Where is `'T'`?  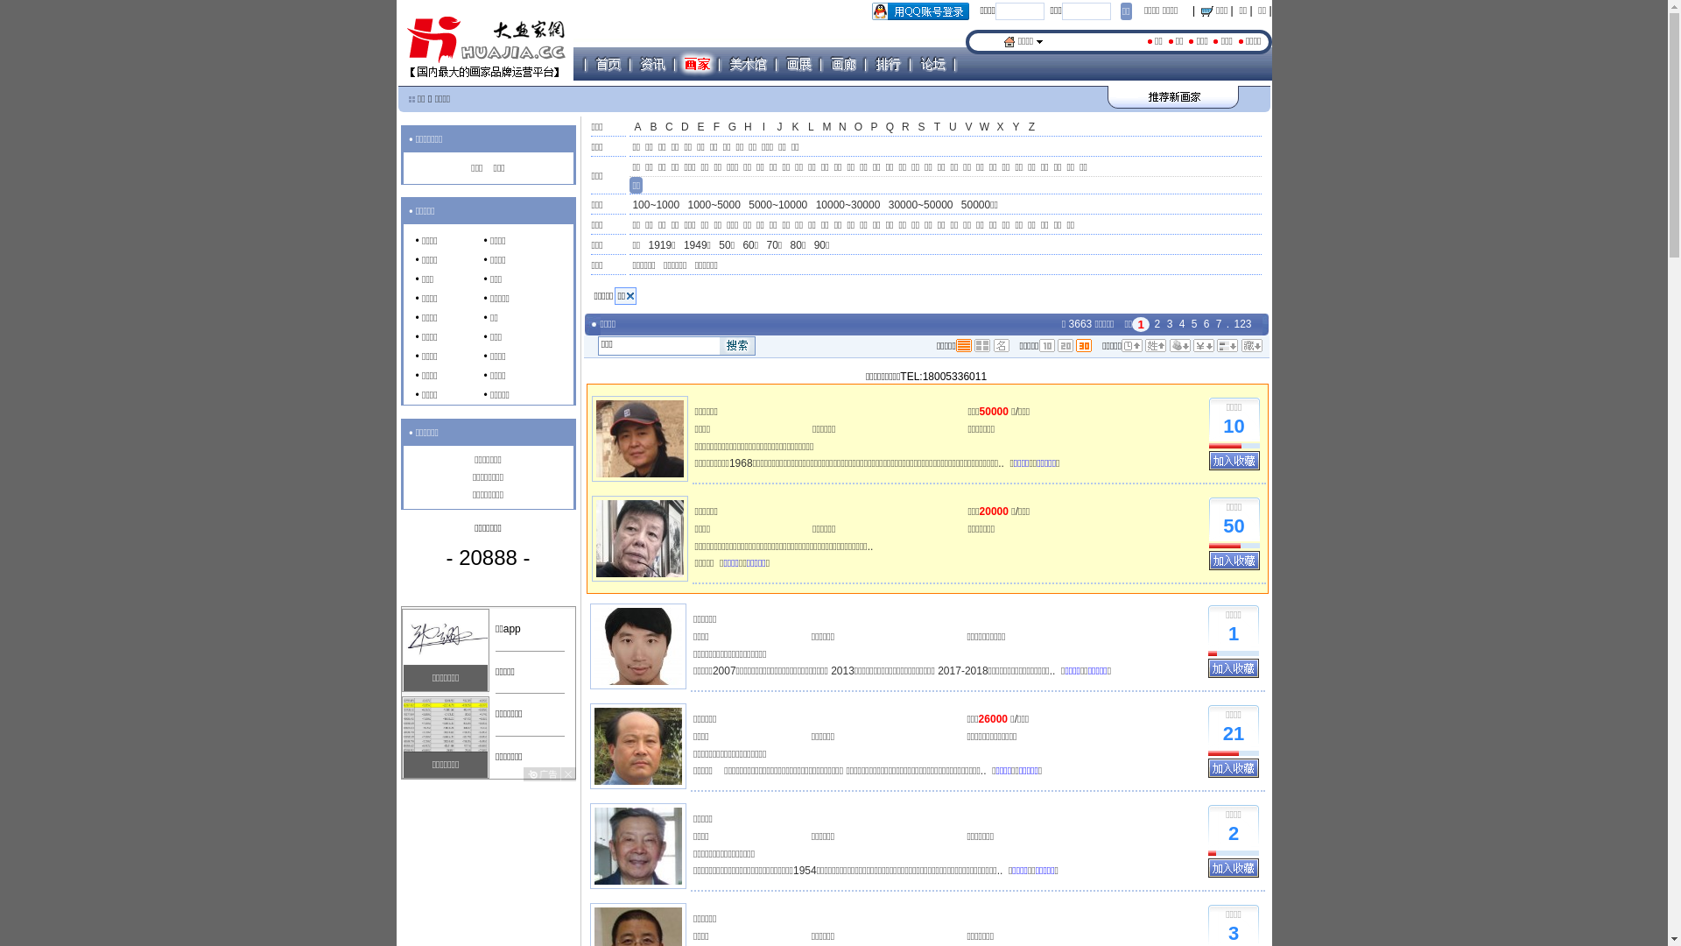 'T' is located at coordinates (927, 127).